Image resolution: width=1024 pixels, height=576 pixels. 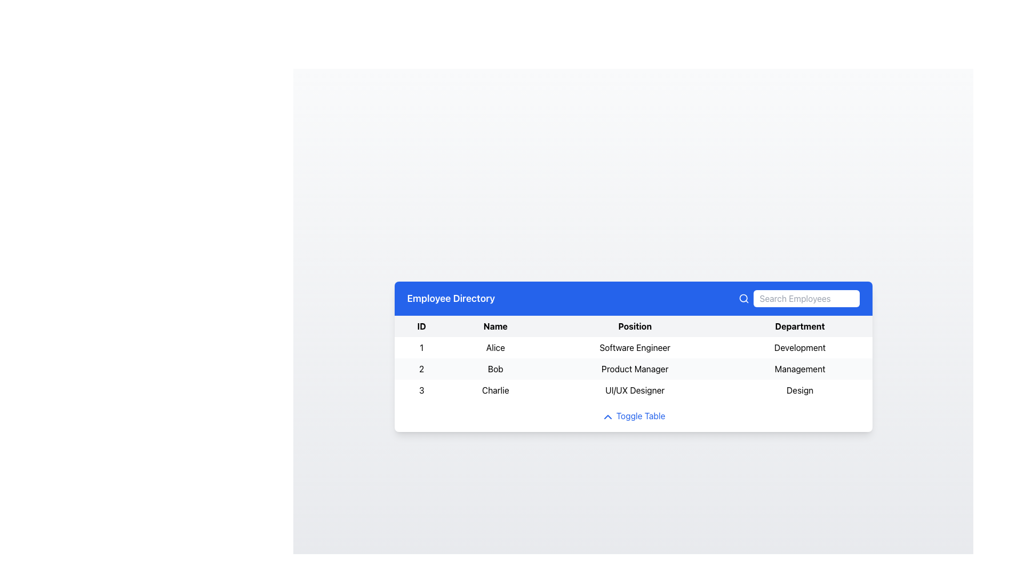 I want to click on text displayed in the 'Design' label, which is located in the last column of the table row associated with user 'Charlie', so click(x=800, y=390).